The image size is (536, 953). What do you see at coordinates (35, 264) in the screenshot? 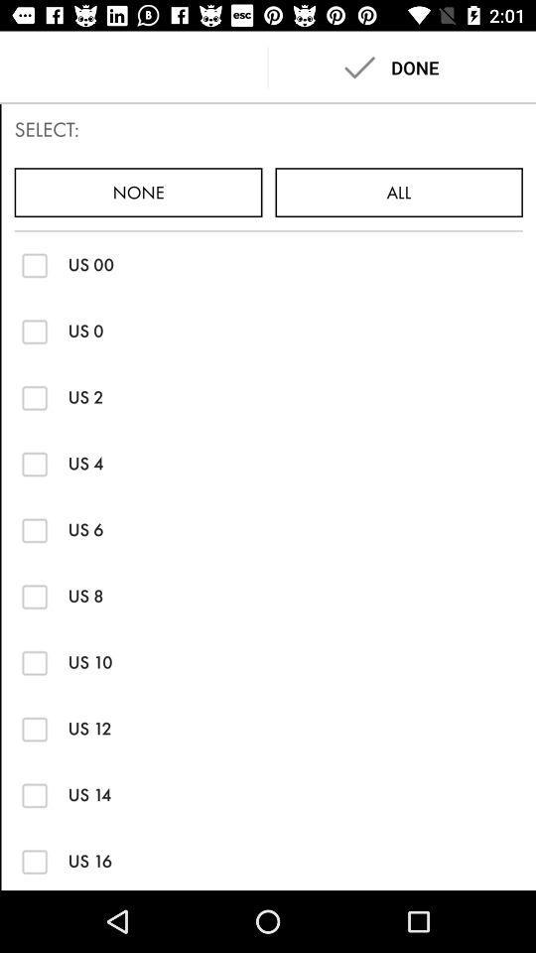
I see `switch us 00 option` at bounding box center [35, 264].